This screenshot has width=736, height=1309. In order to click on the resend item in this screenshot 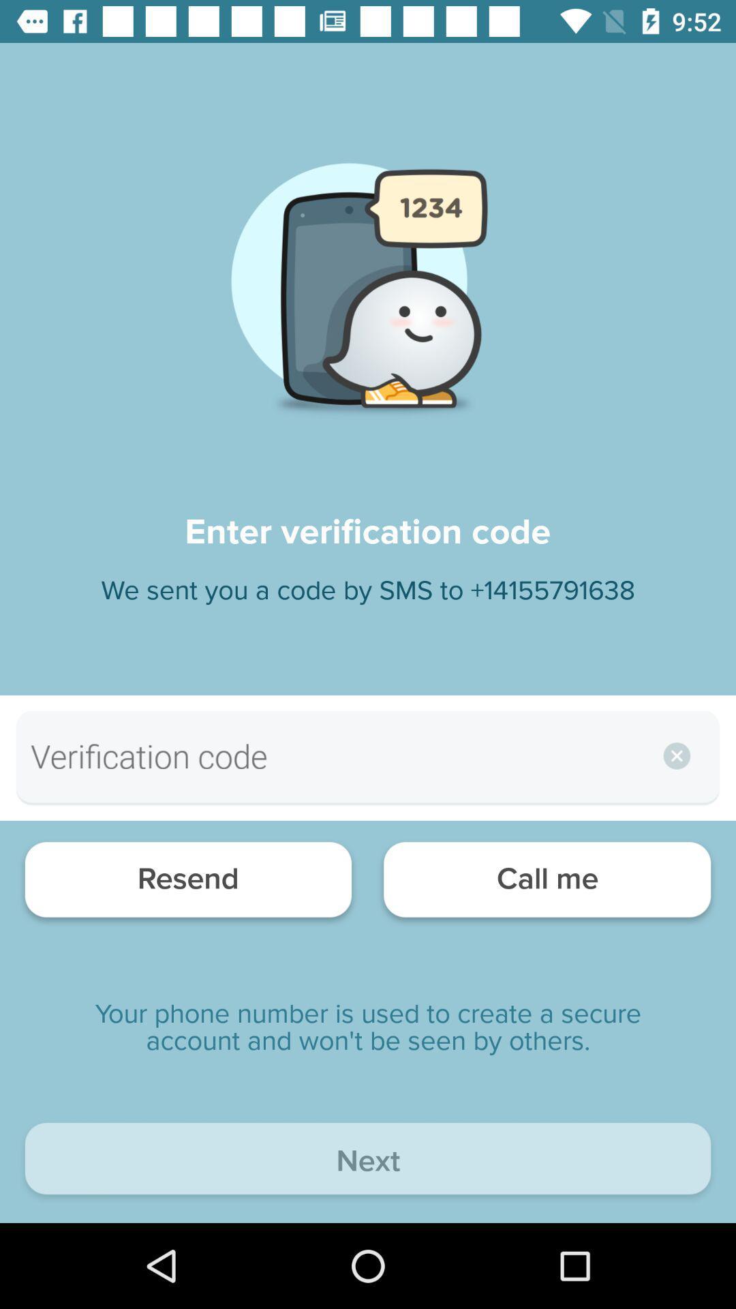, I will do `click(188, 883)`.